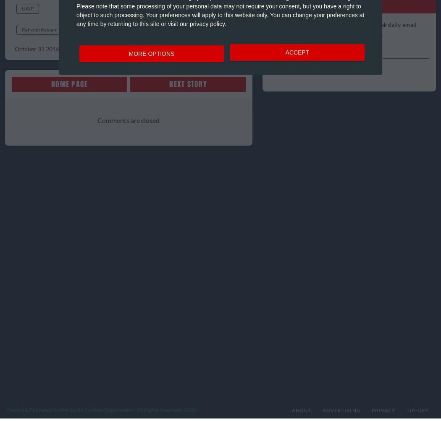  Describe the element at coordinates (69, 84) in the screenshot. I see `'Home Page'` at that location.